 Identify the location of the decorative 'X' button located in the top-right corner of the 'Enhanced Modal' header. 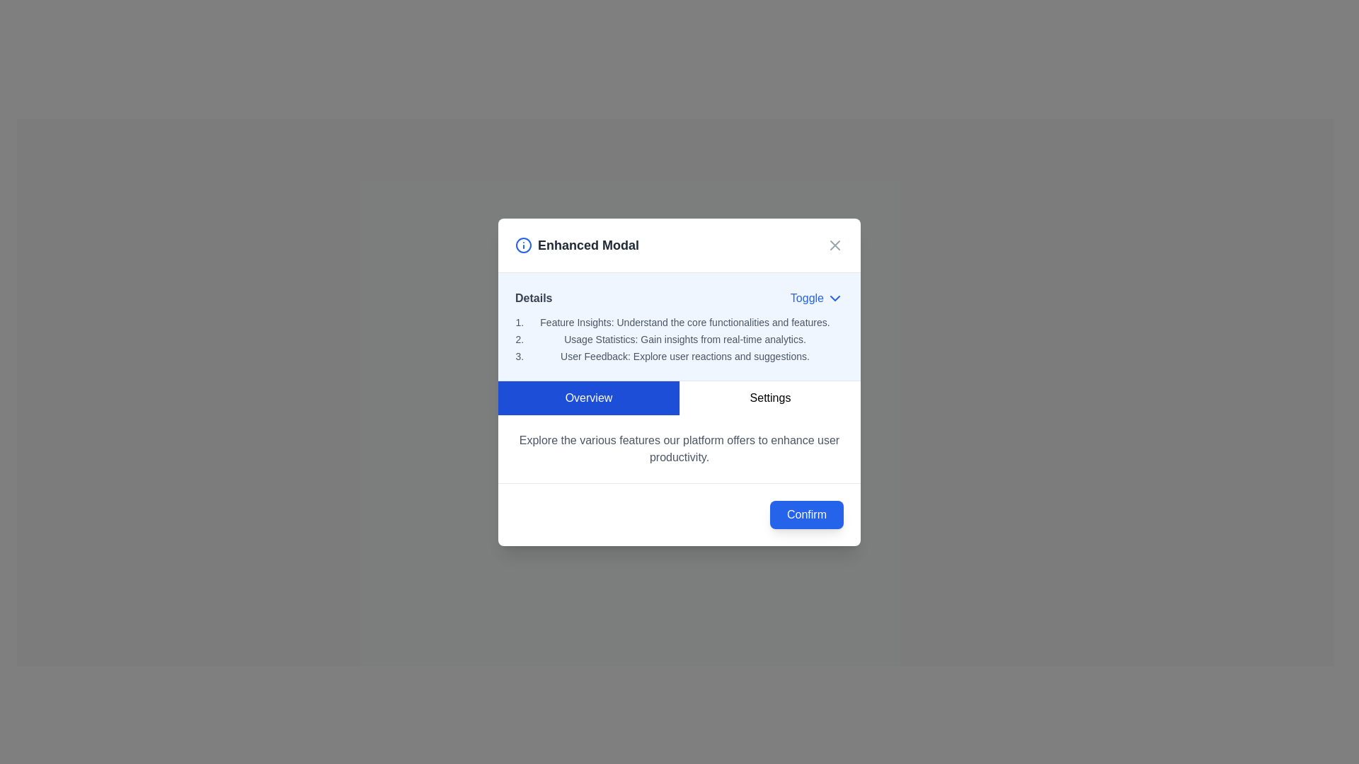
(835, 244).